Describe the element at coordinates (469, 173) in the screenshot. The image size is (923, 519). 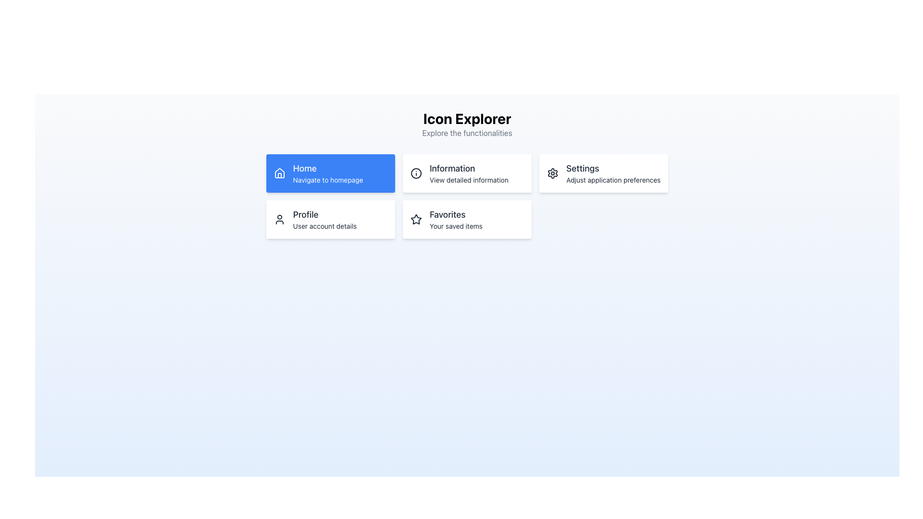
I see `the non-interactive text display area that shows the title 'Information' and subtitle 'View detailed information', located in the second card of the top row` at that location.